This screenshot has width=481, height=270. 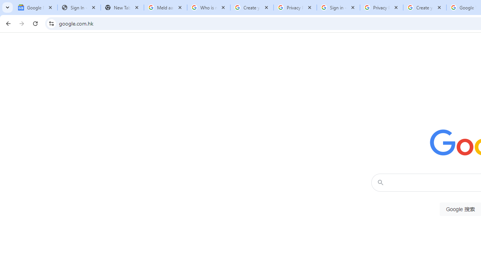 I want to click on 'Create your Google Account', so click(x=425, y=7).